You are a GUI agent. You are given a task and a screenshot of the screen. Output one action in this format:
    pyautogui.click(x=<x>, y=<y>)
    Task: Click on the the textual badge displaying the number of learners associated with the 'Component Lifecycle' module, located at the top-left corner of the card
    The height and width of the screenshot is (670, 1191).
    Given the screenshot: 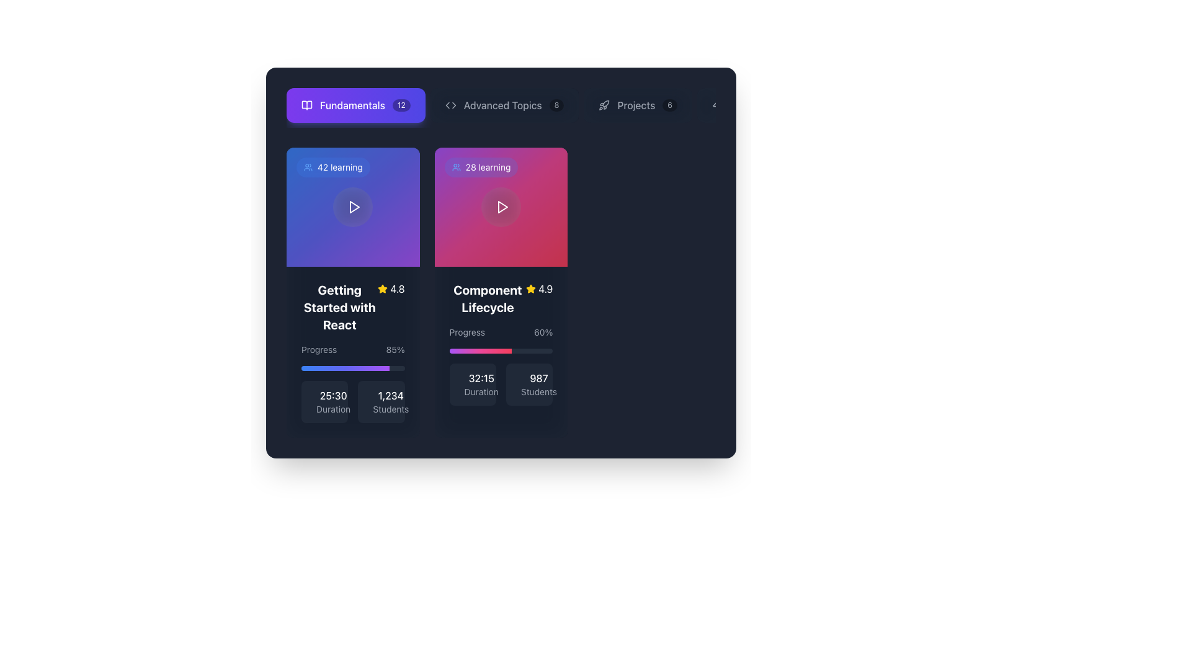 What is the action you would take?
    pyautogui.click(x=481, y=167)
    